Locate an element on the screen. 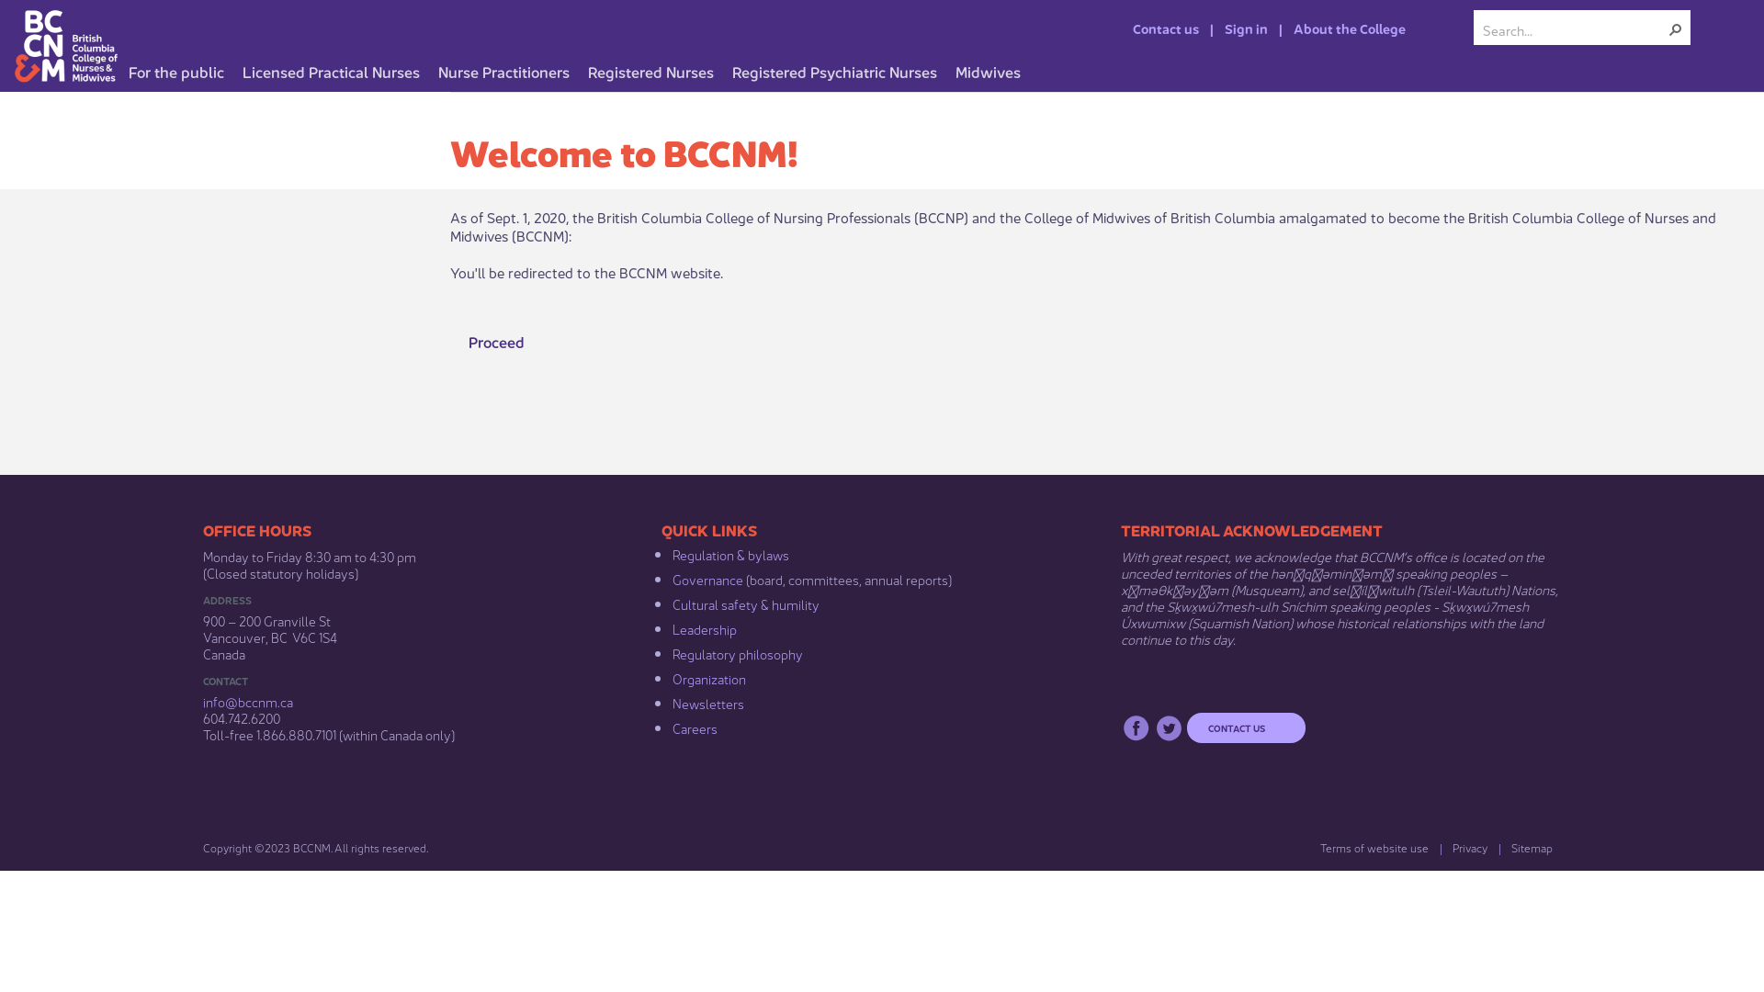 The height and width of the screenshot is (992, 1764). 'Organization' is located at coordinates (671, 677).